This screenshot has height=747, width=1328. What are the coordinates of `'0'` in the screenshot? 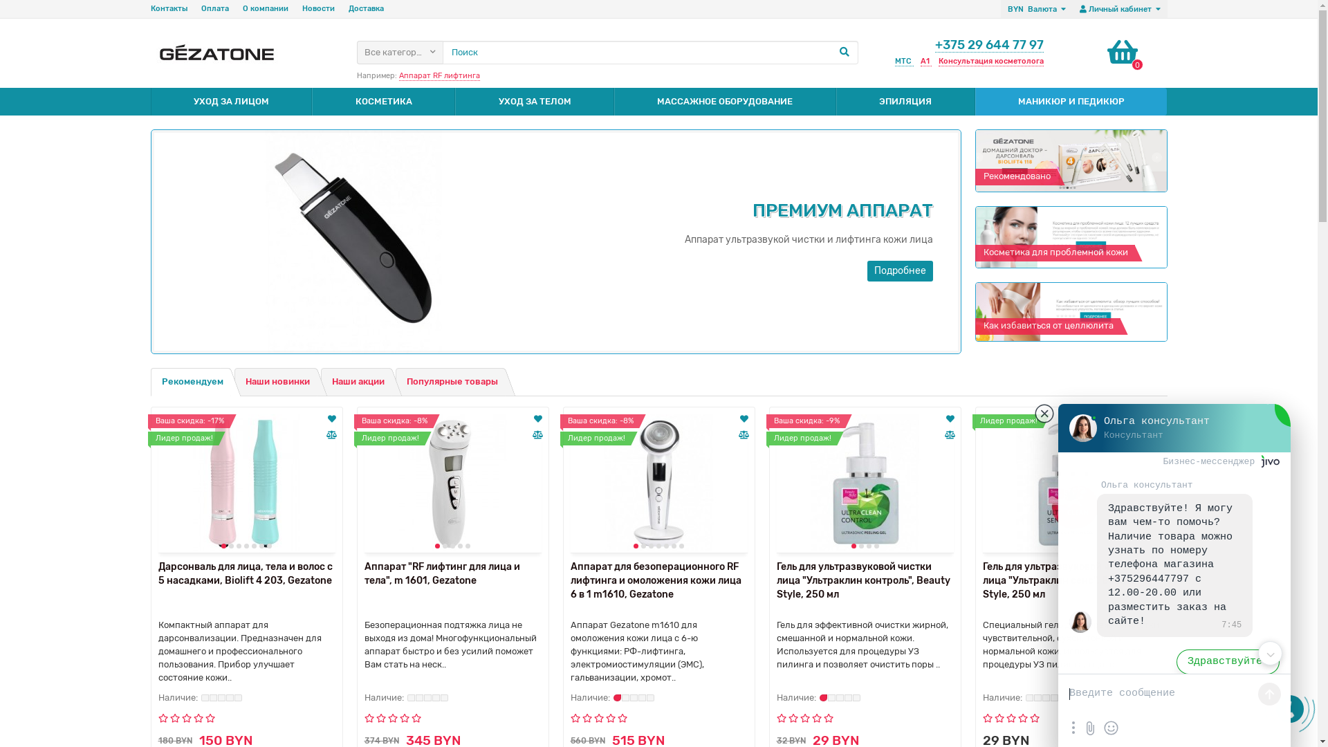 It's located at (1122, 52).